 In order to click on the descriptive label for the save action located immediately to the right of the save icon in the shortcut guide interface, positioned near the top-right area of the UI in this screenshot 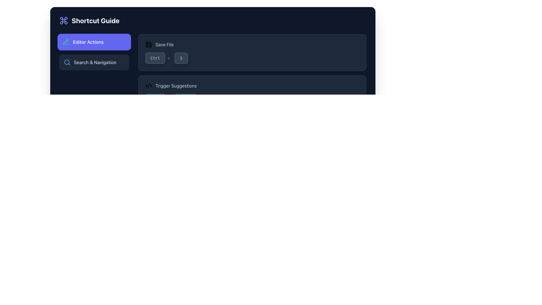, I will do `click(164, 44)`.